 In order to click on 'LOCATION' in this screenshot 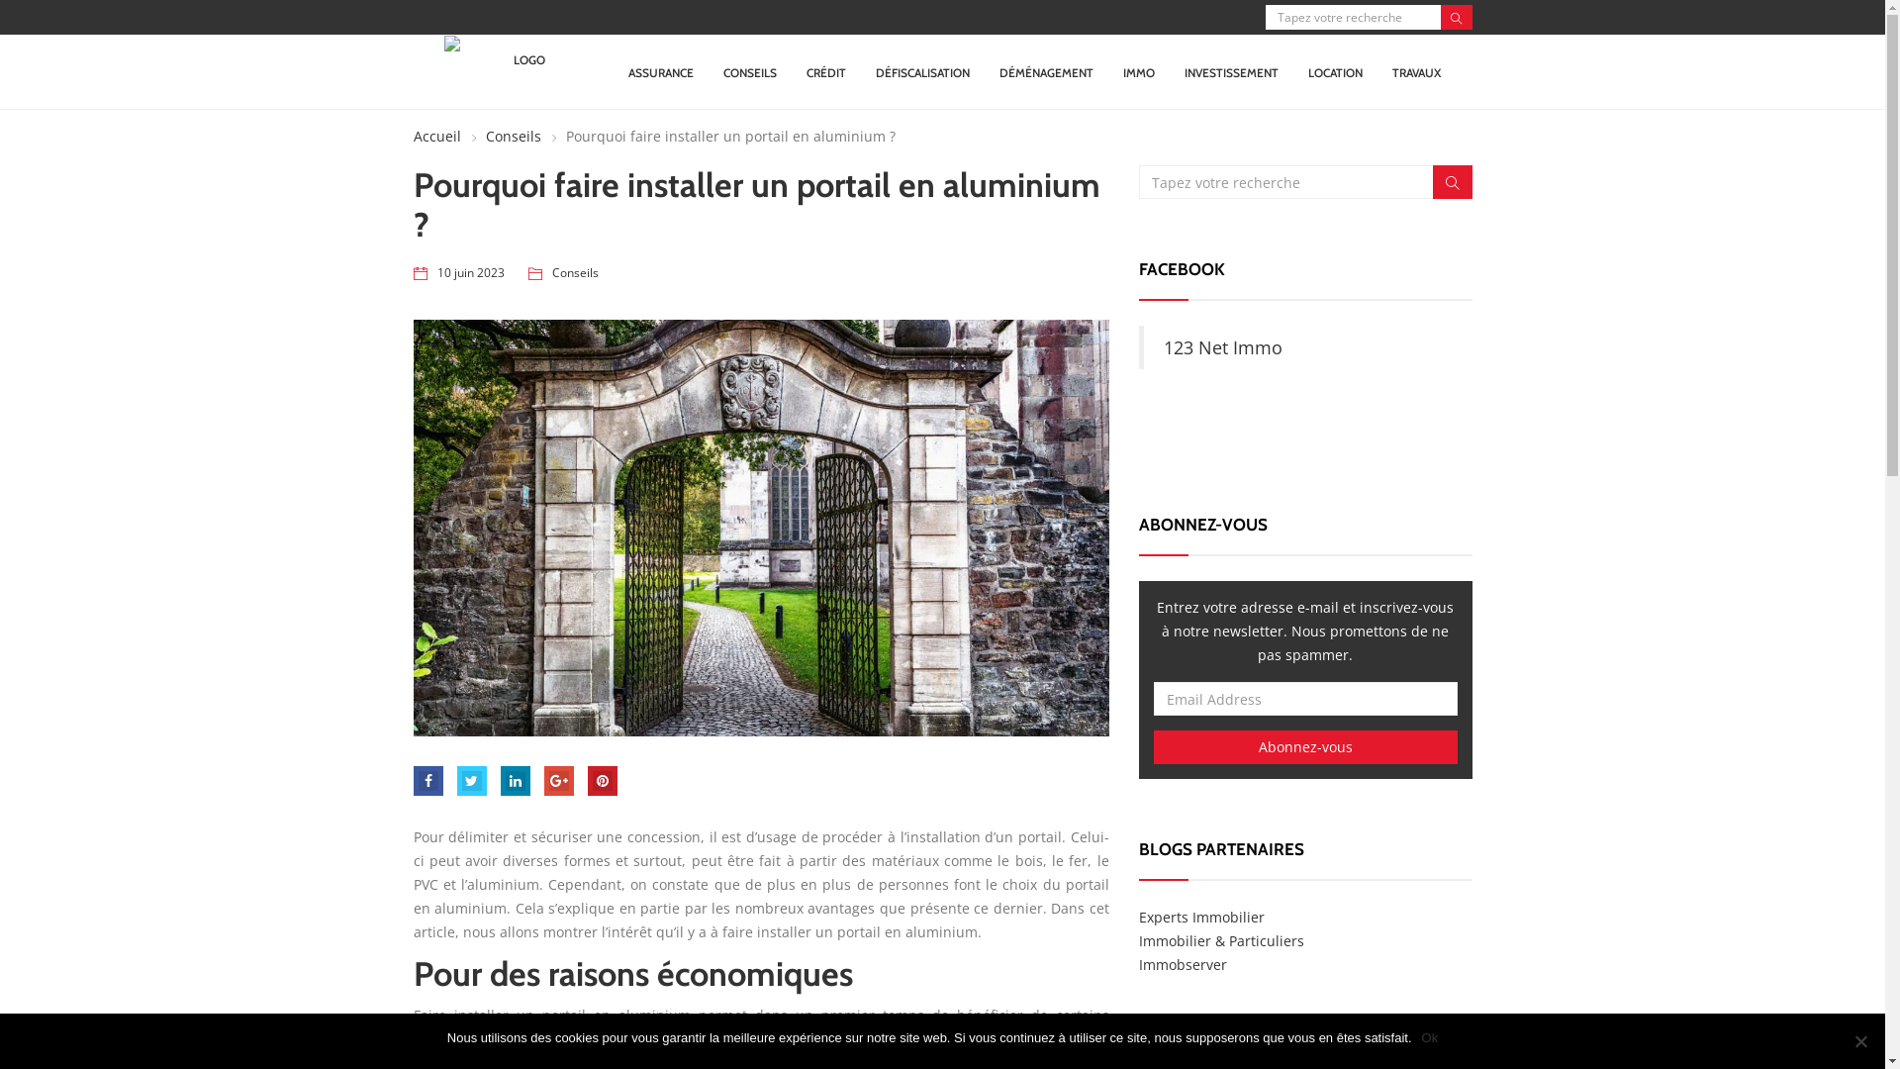, I will do `click(1335, 71)`.